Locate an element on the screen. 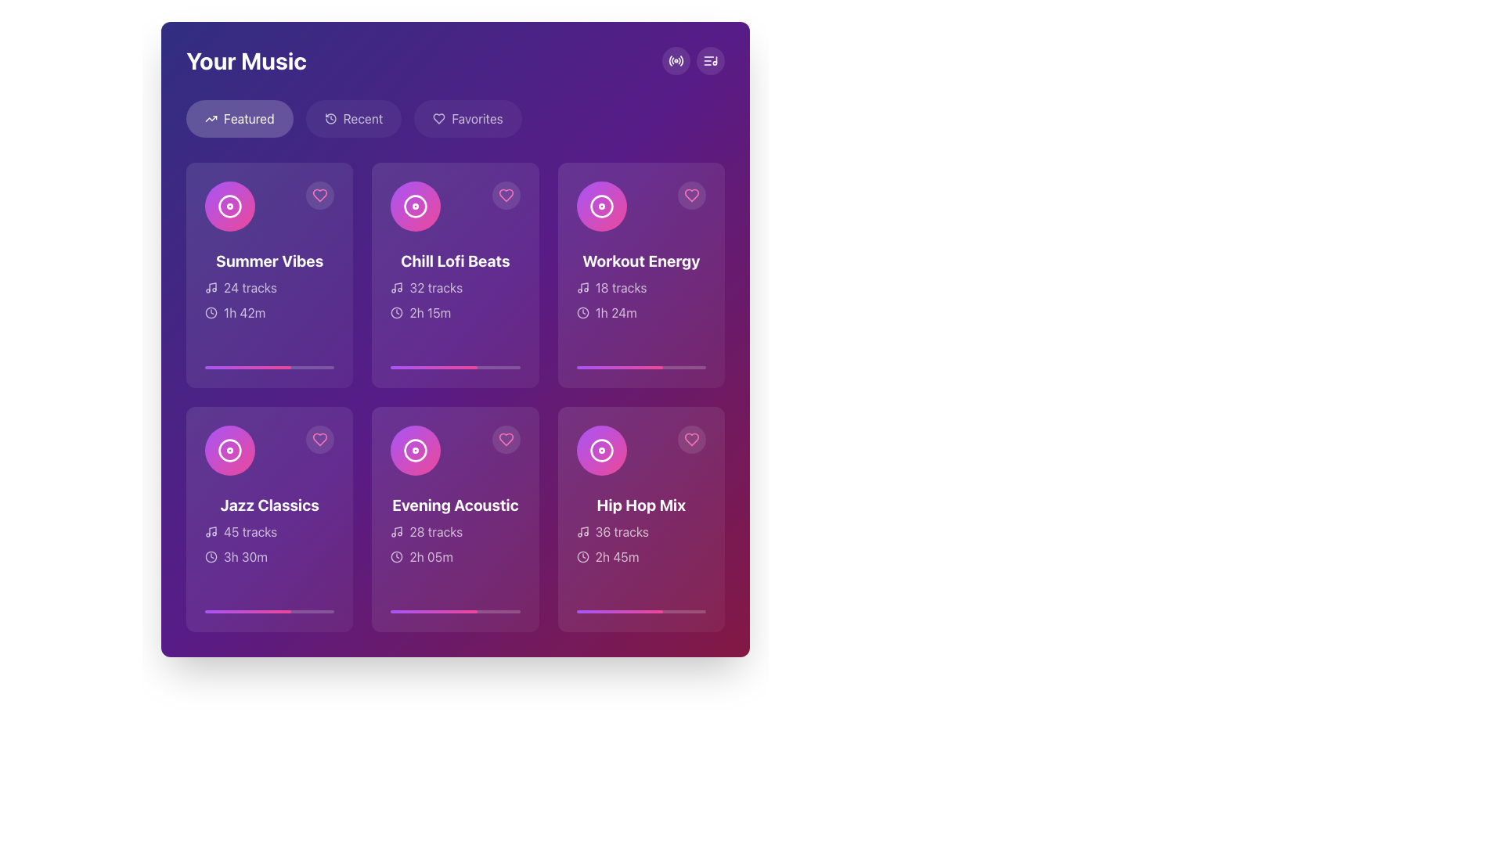  the heart icon button located at the top-right corner of the 'Hip Hop Mix' music collection card for keyboard focus is located at coordinates (690, 440).